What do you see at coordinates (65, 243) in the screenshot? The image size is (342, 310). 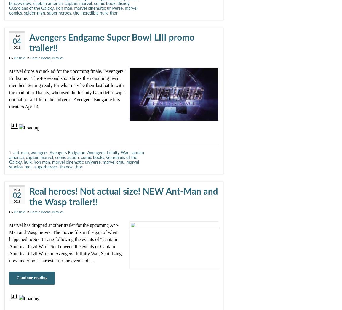 I see `'Marvel has dropped another trailer for the upcoming Ant-Man and Wasp movie. The movie fills in the gap of what happened to Scott Lang following the events of “Captain America: Civil War.” Set between the events of Captain America: Civil War and Avengers: Infinity War, Scott Lang, now under house arrest after the events of …'` at bounding box center [65, 243].